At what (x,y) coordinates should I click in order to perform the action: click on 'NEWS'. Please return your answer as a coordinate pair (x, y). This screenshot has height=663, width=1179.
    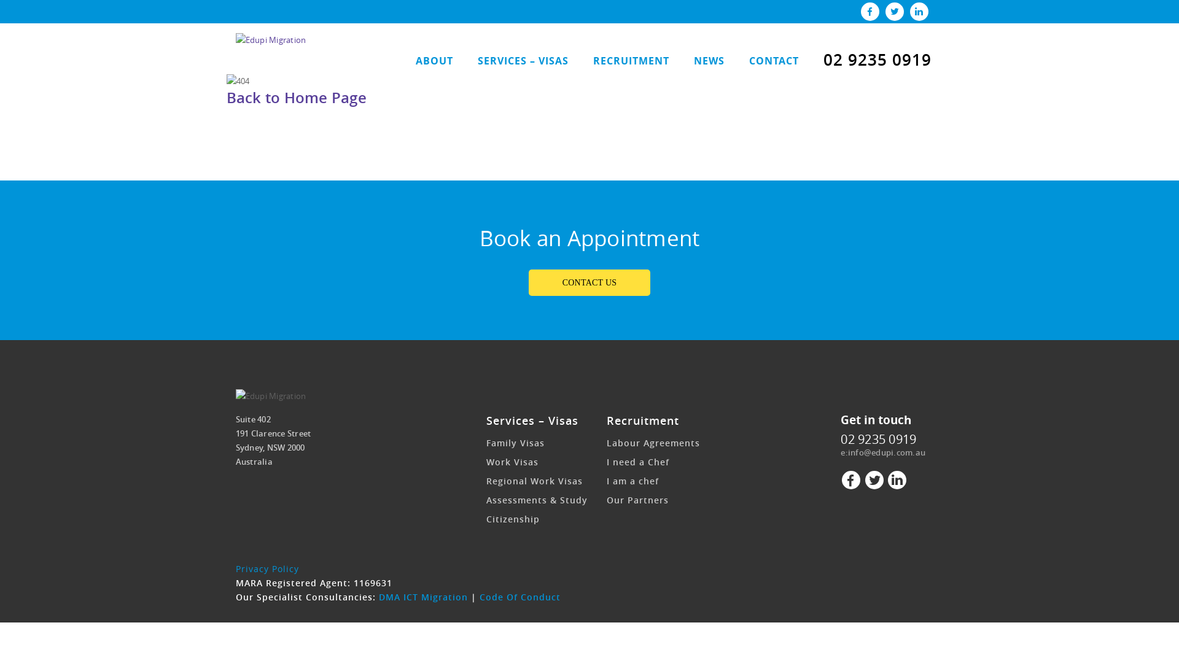
    Looking at the image, I should click on (709, 62).